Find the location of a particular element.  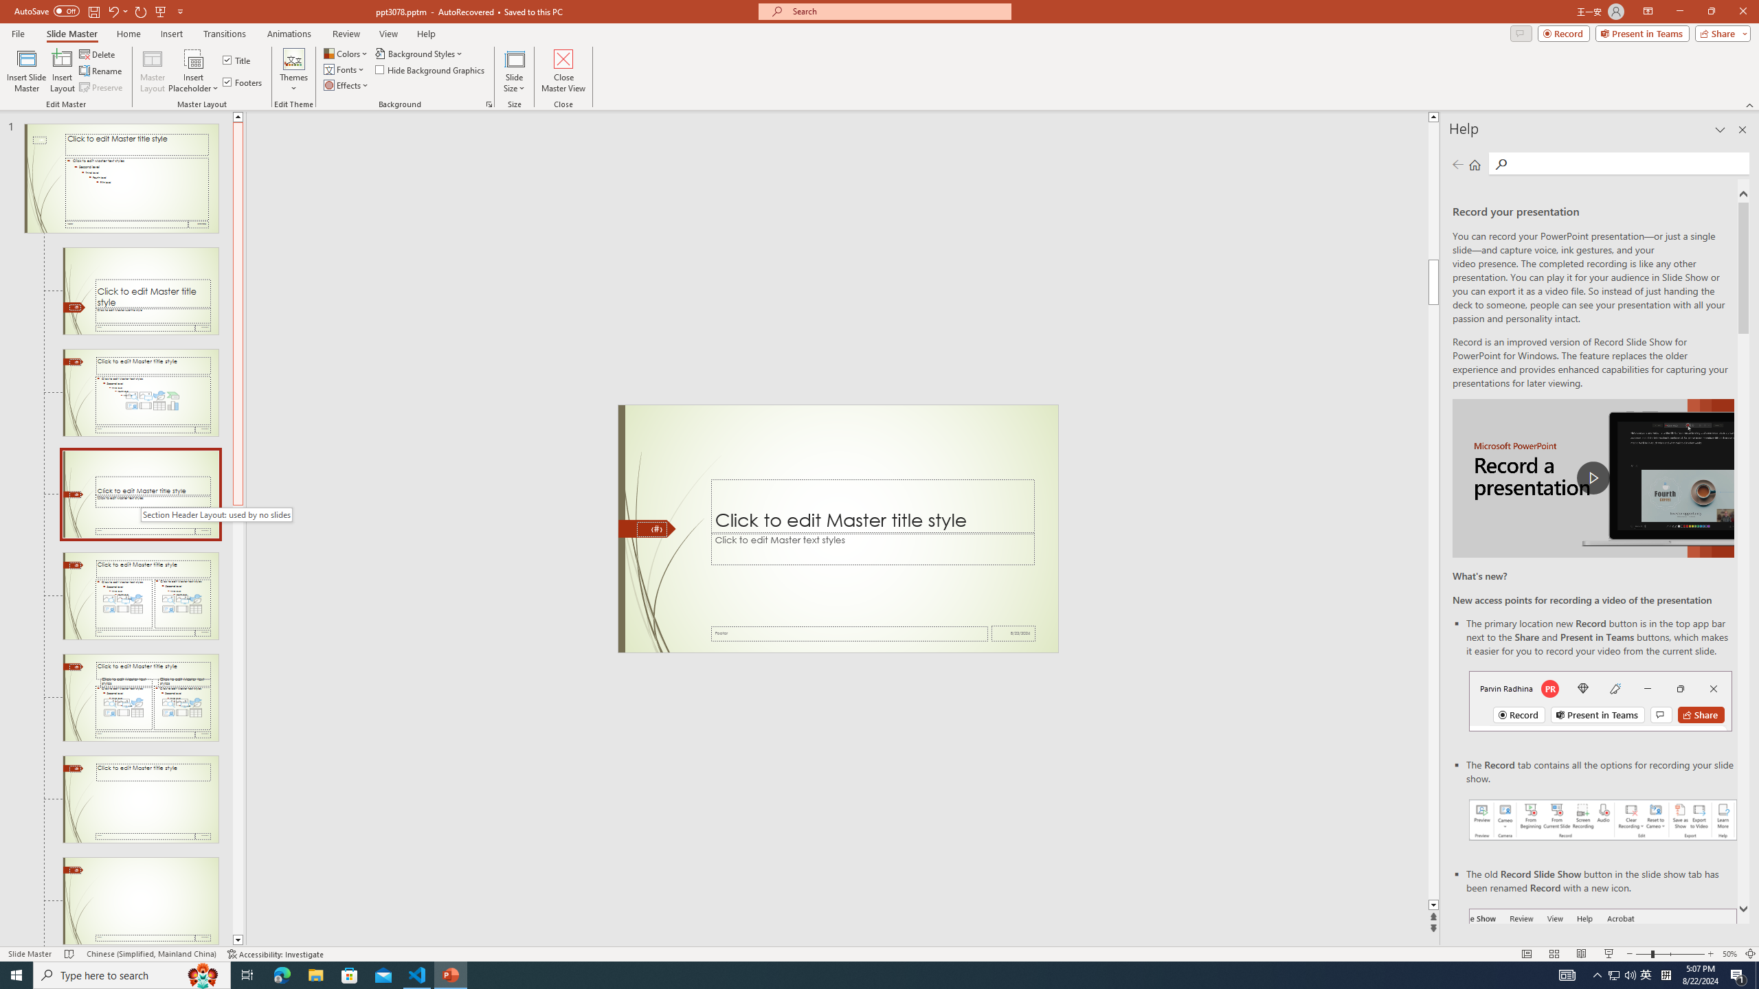

'Insert Layout' is located at coordinates (61, 71).